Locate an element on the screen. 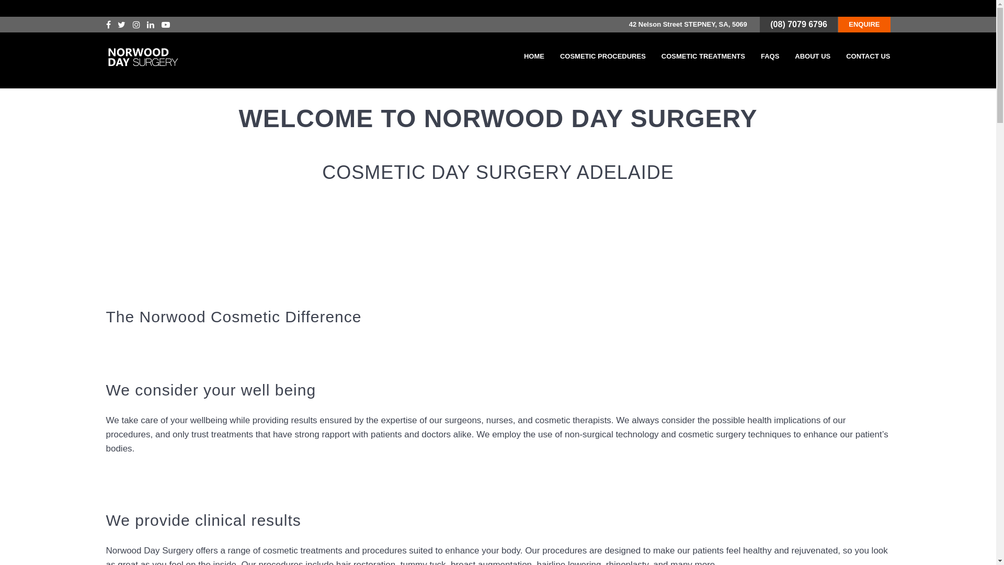 The height and width of the screenshot is (565, 1004). 'FAQS' is located at coordinates (770, 56).